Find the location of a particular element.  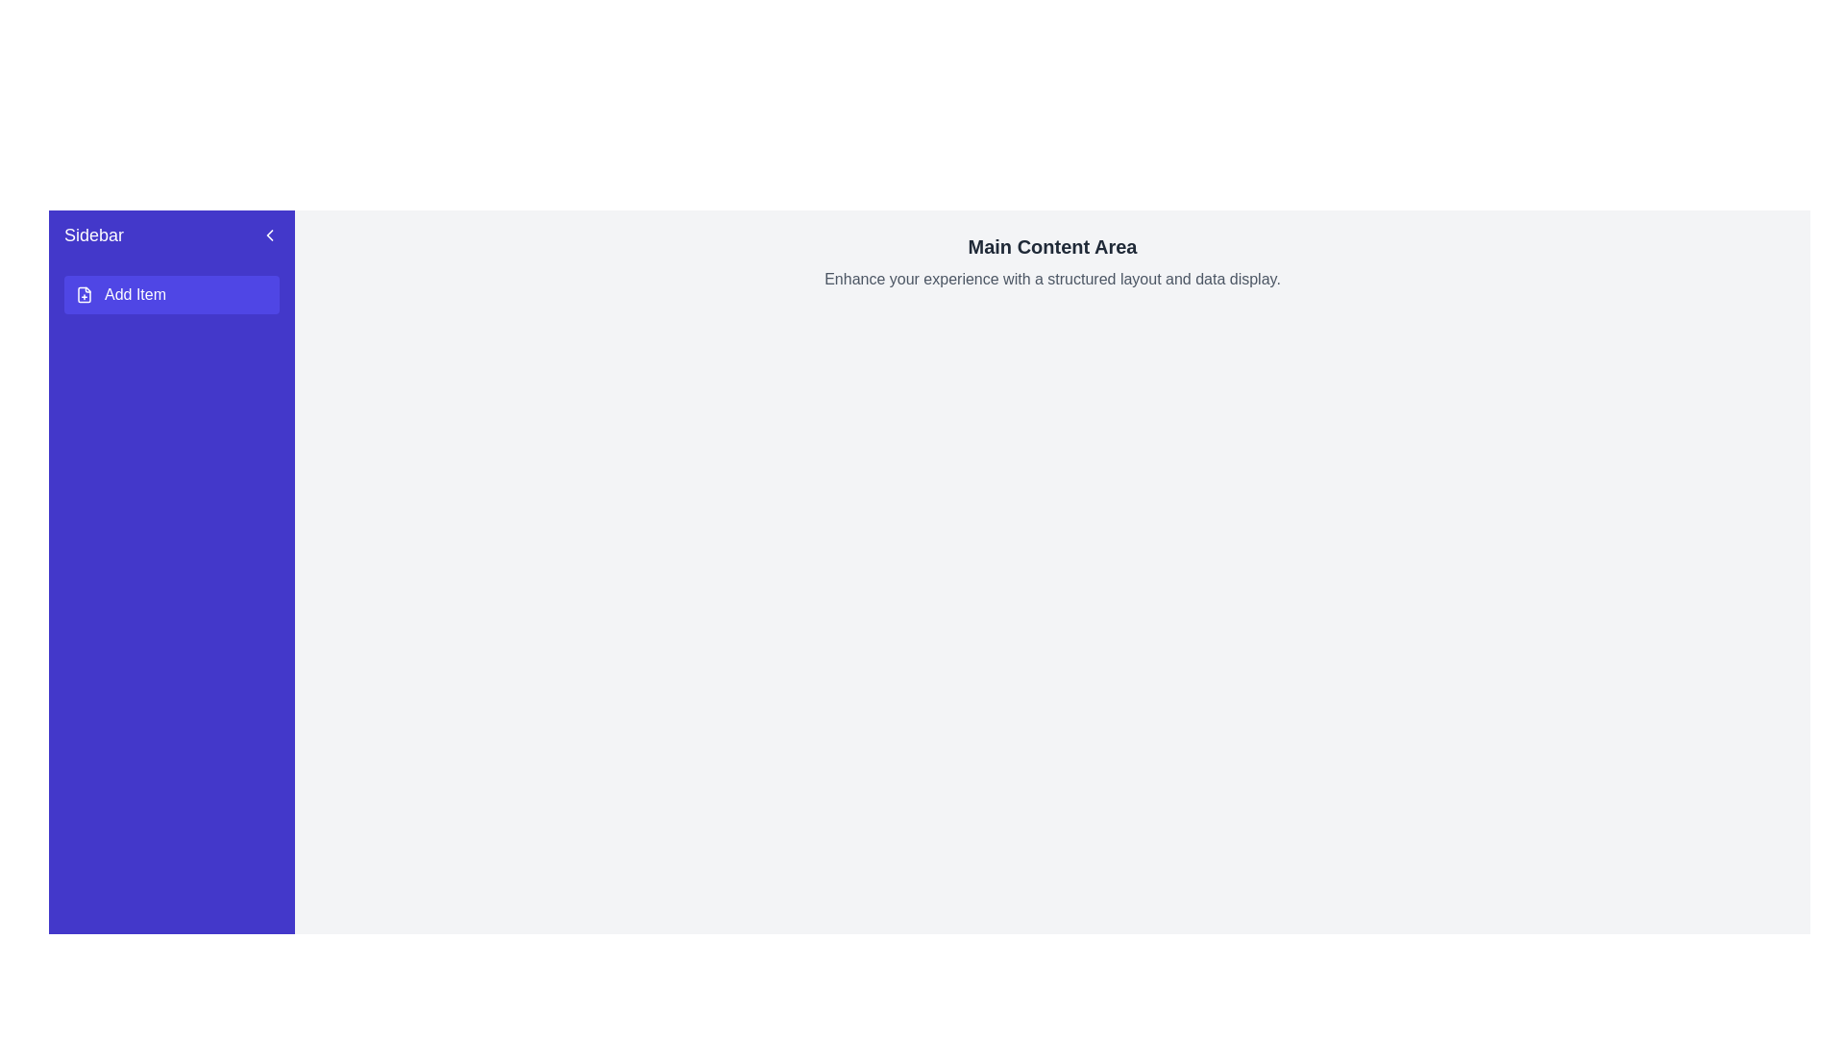

the 'Add Item' button icon located in the top left corner of the interface, which allows the user to add a new item is located at coordinates (83, 295).